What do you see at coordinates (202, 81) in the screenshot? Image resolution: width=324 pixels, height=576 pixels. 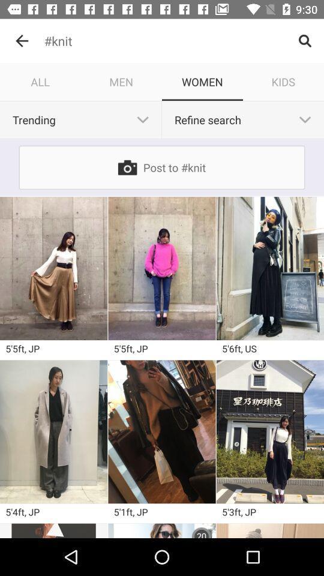 I see `the women` at bounding box center [202, 81].